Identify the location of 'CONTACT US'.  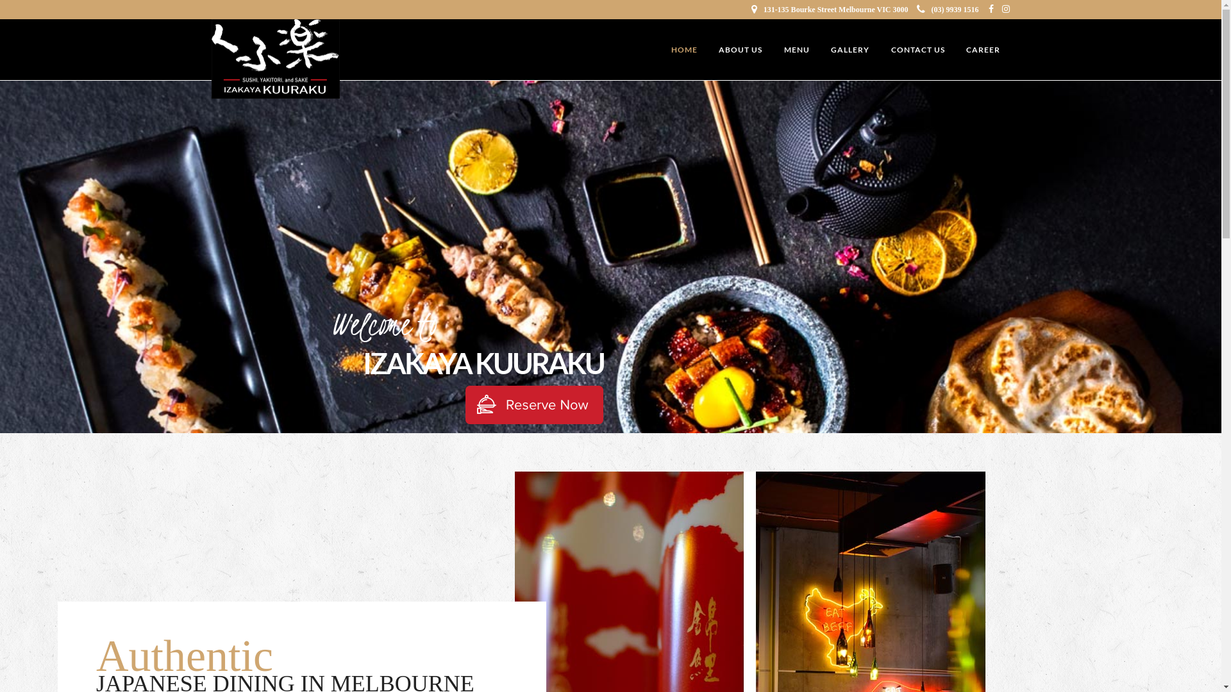
(916, 49).